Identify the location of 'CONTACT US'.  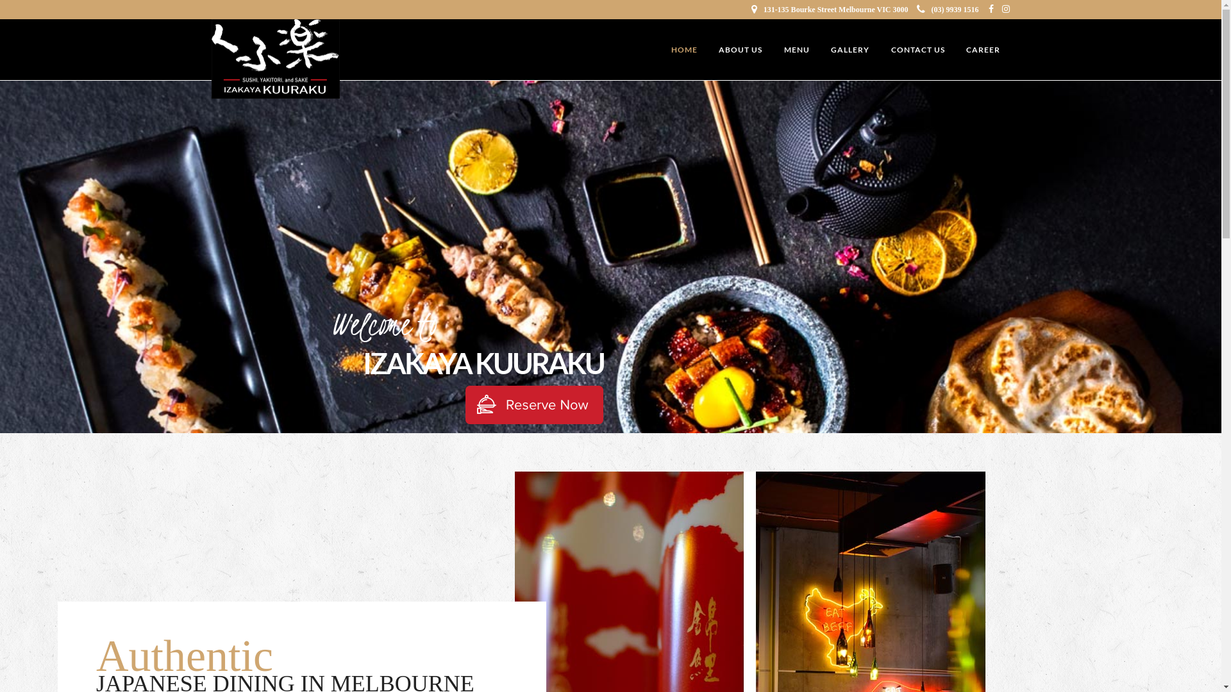
(916, 49).